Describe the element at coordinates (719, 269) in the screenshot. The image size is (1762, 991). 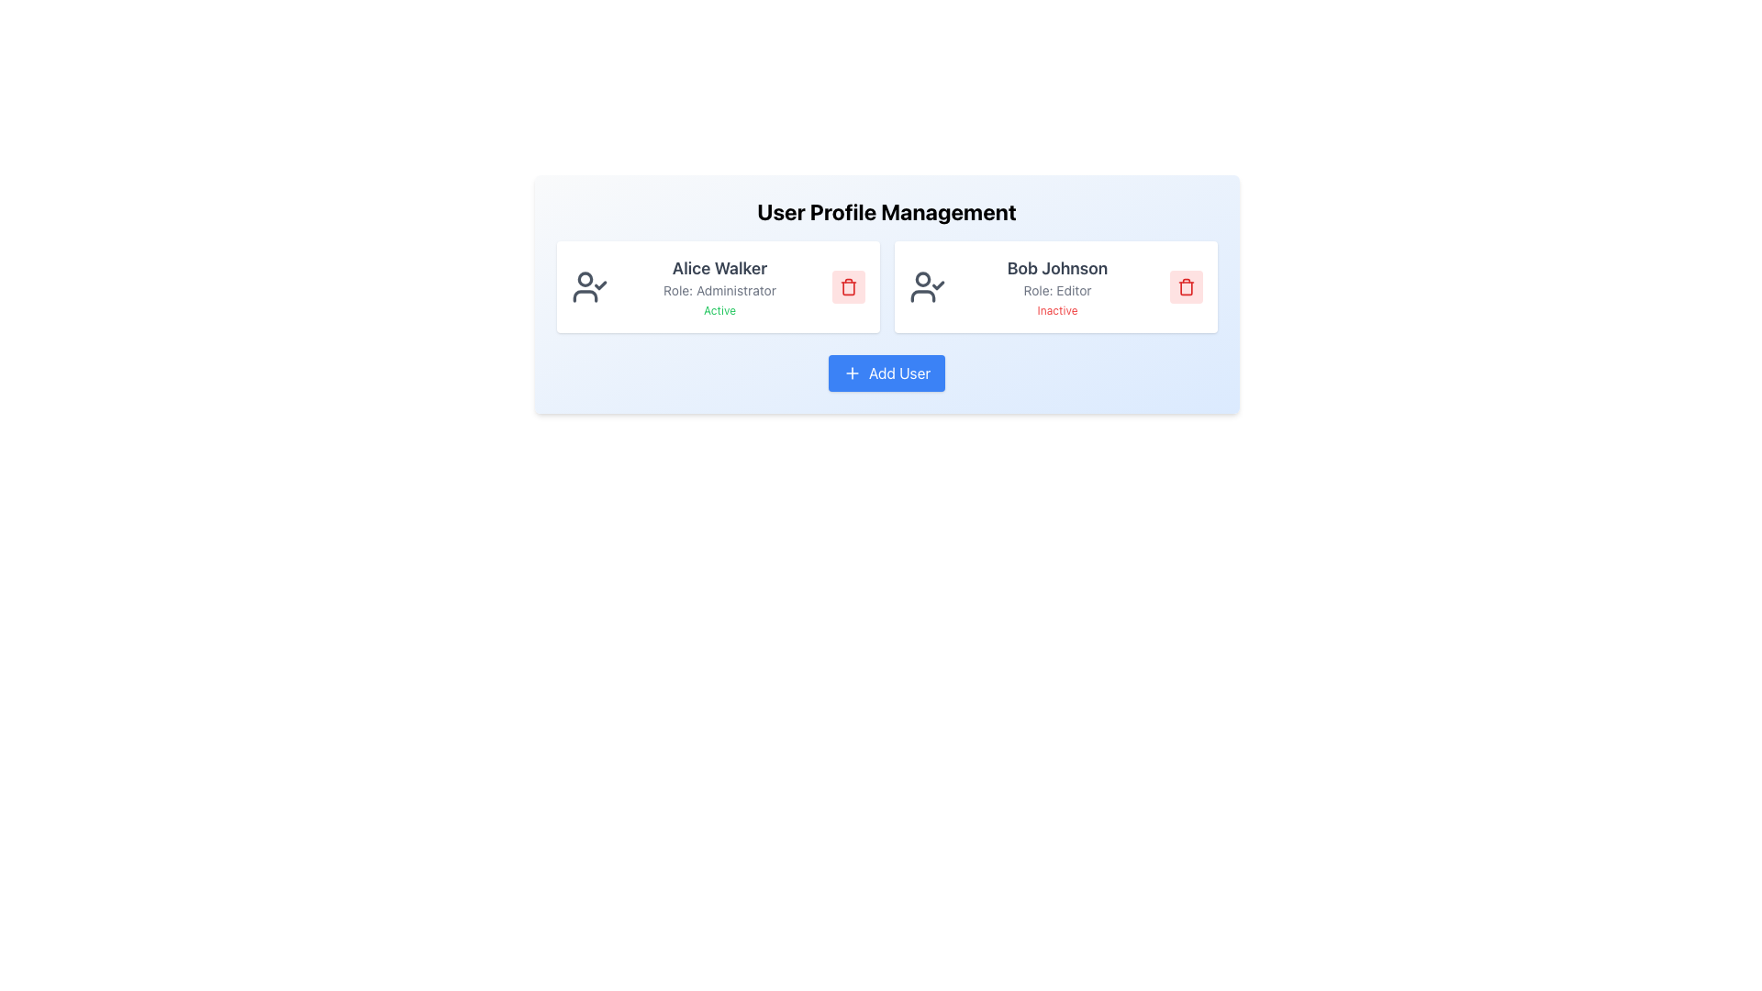
I see `the text label displaying 'Alice Walker', which is styled with a large font-size, bold weight, and gray color, located in the left card of the user profile management section` at that location.